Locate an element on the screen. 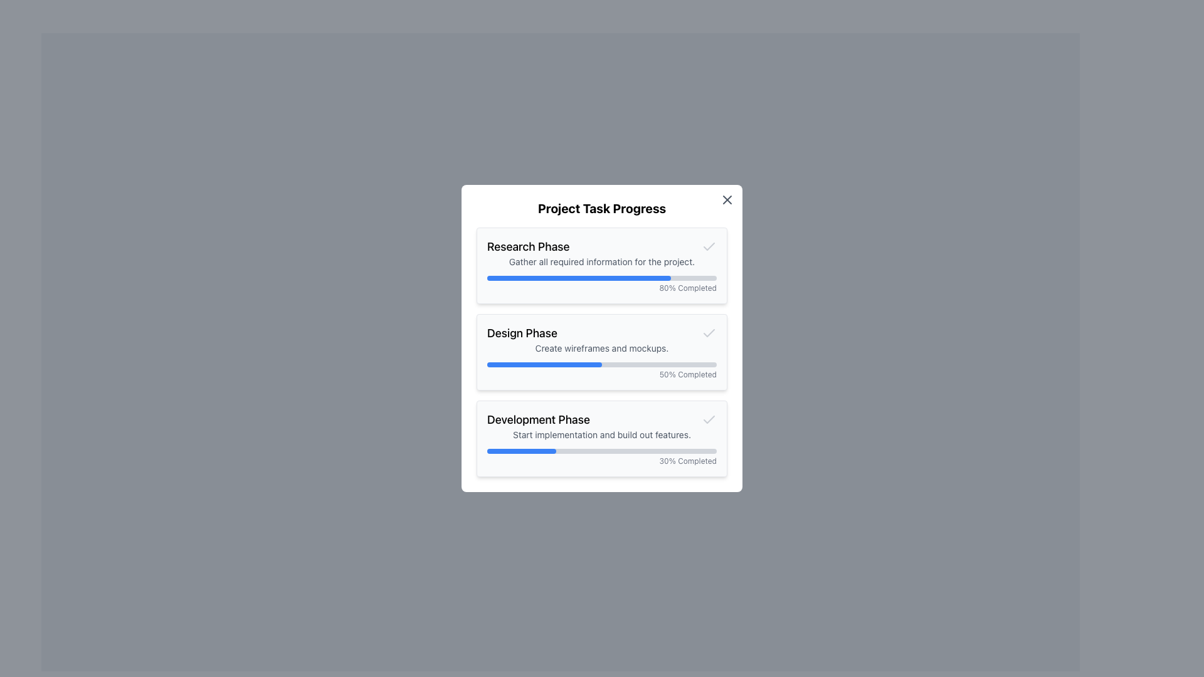  completion percentage indicated on the horizontal progress bar located within the 'Design Phase' card, which shows 50% completion is located at coordinates (602, 365).